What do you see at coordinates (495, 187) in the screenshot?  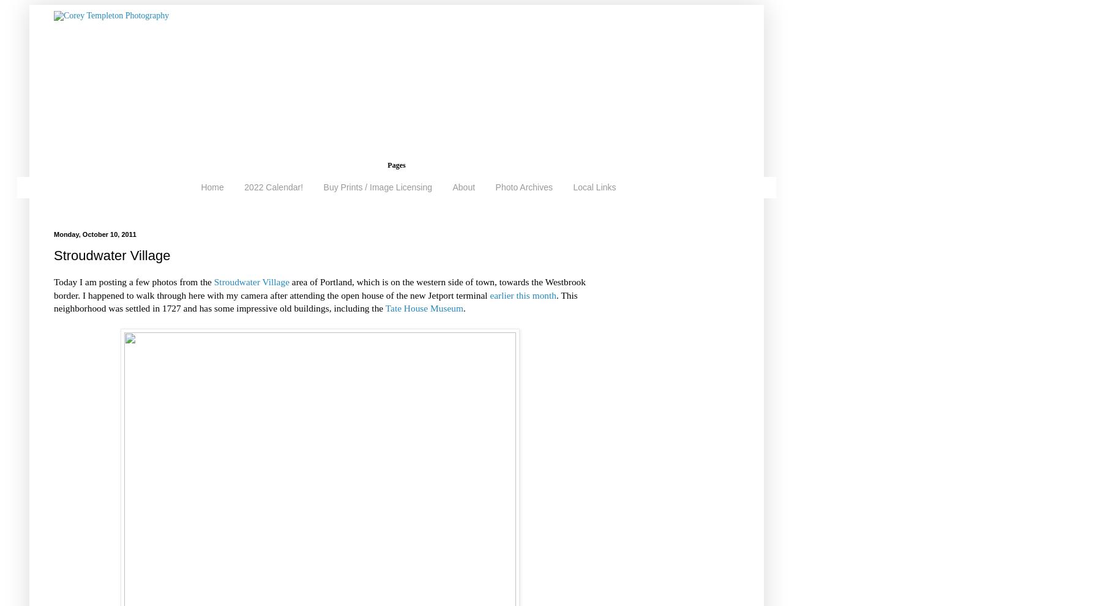 I see `'Photo Archives'` at bounding box center [495, 187].